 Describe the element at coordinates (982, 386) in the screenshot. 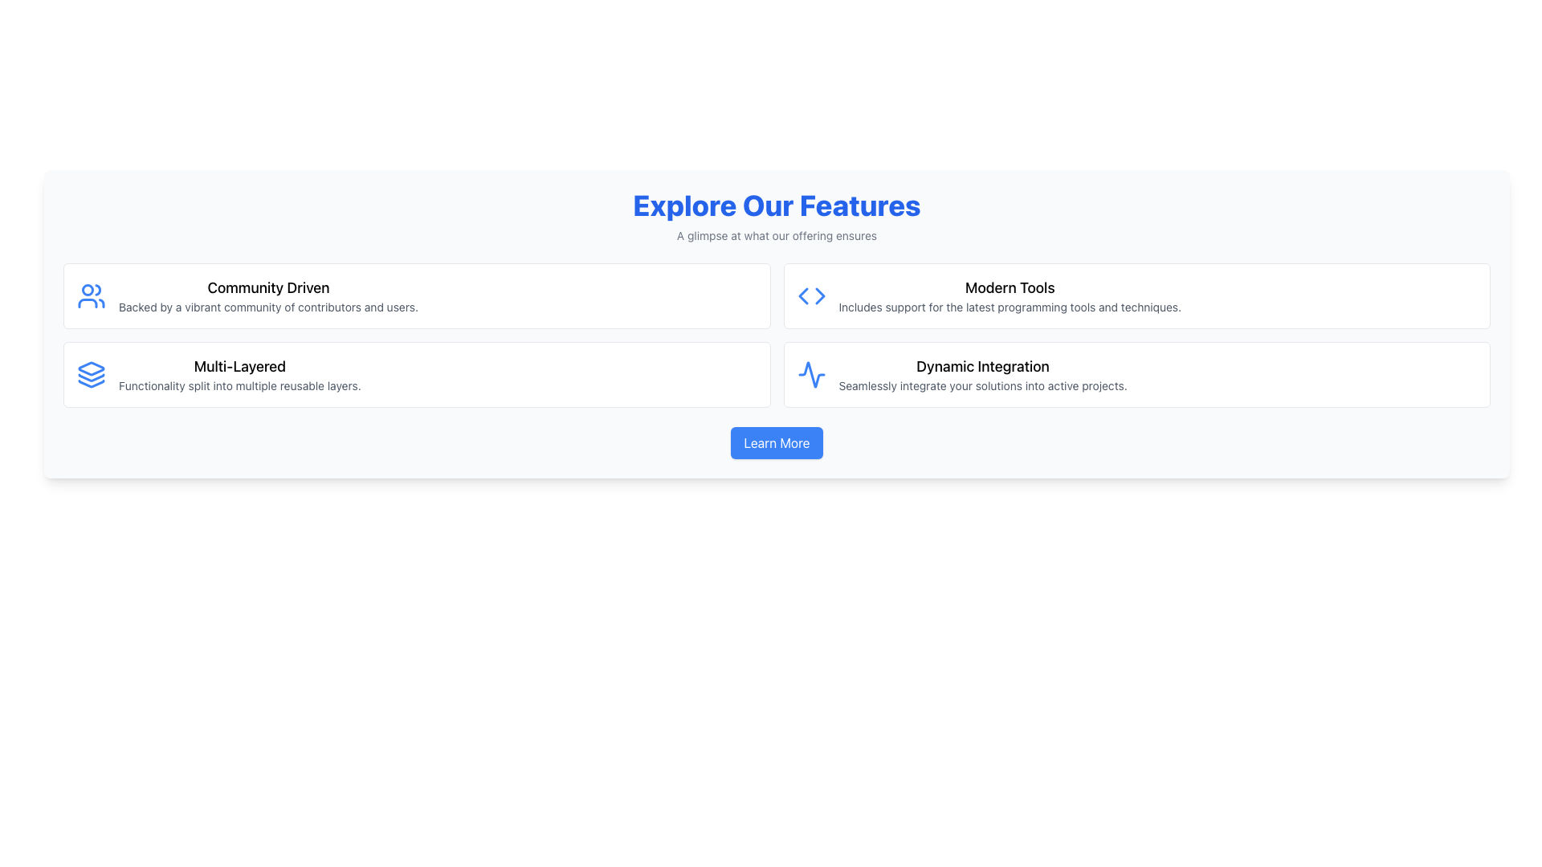

I see `the descriptive text label providing additional information about 'Dynamic Integration', located below the title within its card on the lower right corner of the grid layout` at that location.